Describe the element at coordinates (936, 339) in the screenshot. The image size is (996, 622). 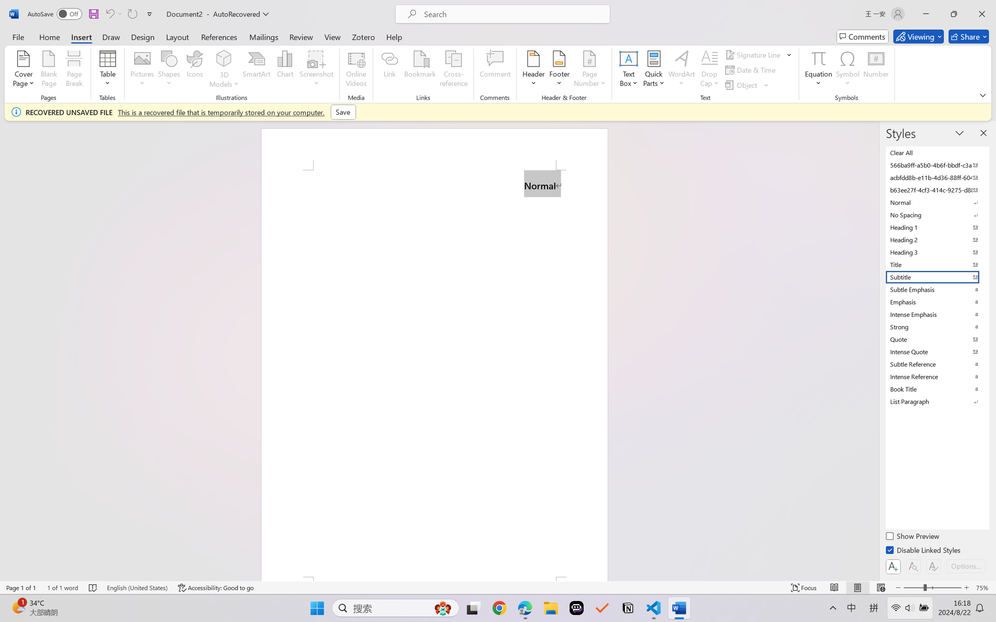
I see `'Quote'` at that location.